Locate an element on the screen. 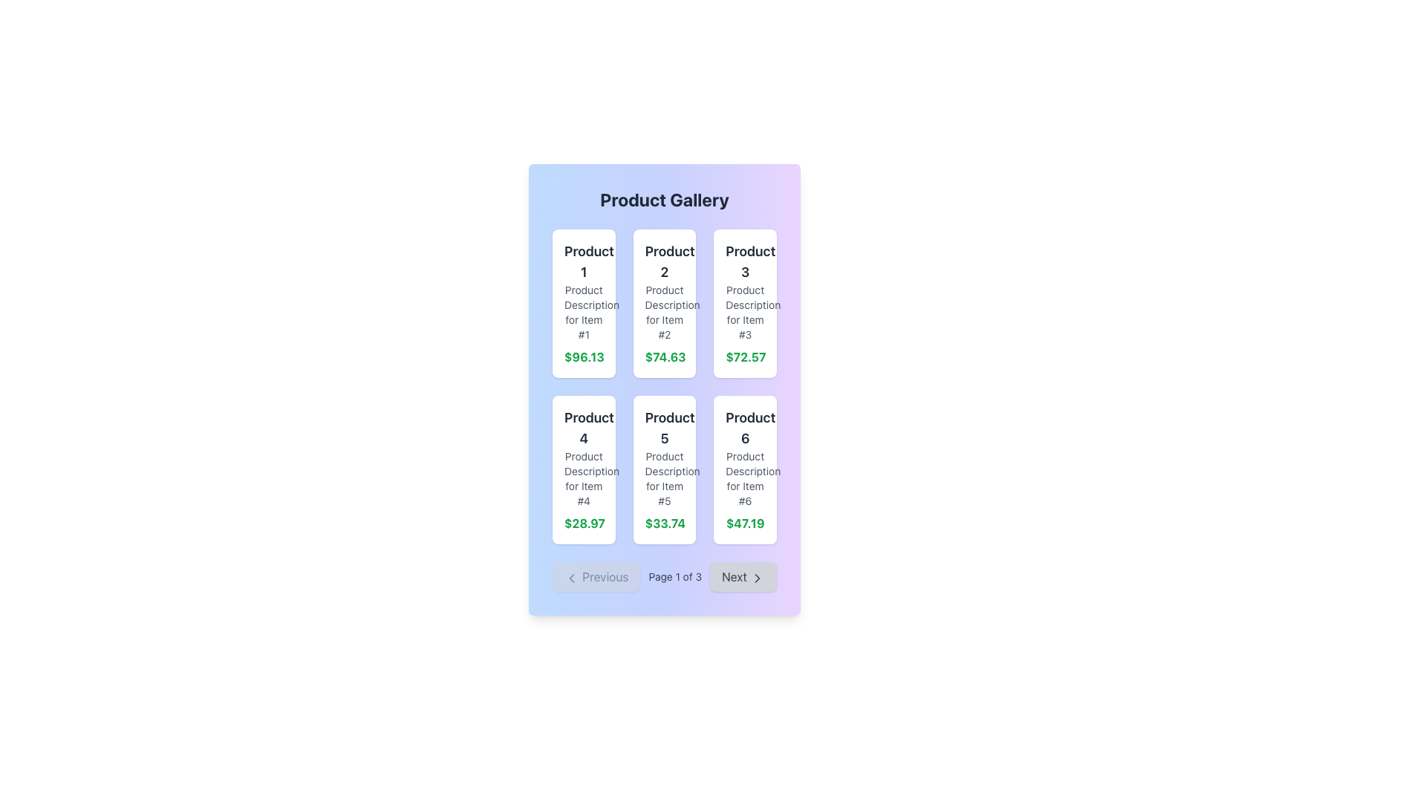  product details from the textual display element labeled 'Product 5', which includes its name, description, and price is located at coordinates (663, 469).